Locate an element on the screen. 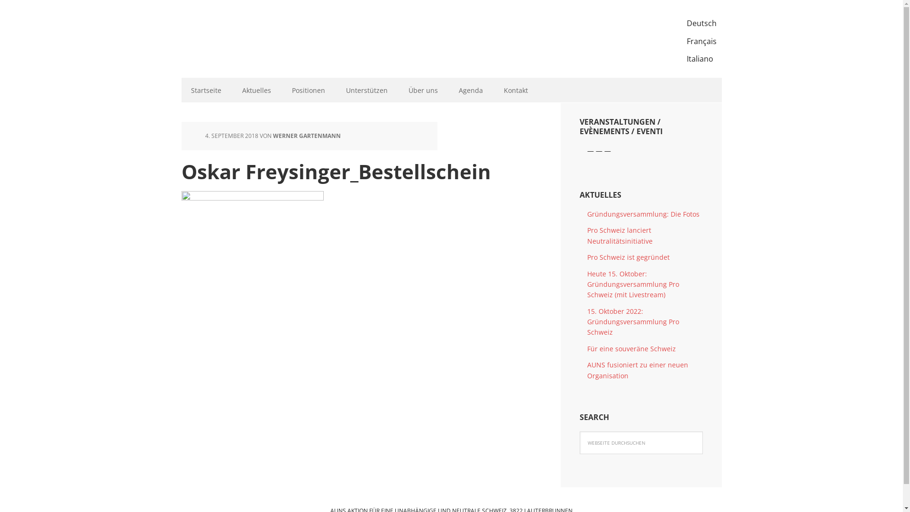 The width and height of the screenshot is (910, 512). 'Positionen' is located at coordinates (309, 90).